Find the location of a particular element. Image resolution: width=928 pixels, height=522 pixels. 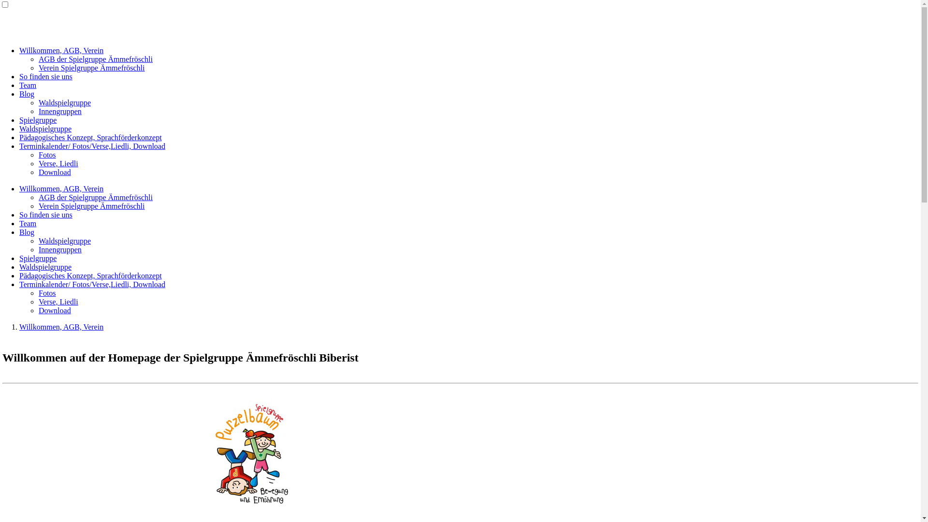

'Fotos' is located at coordinates (46, 154).